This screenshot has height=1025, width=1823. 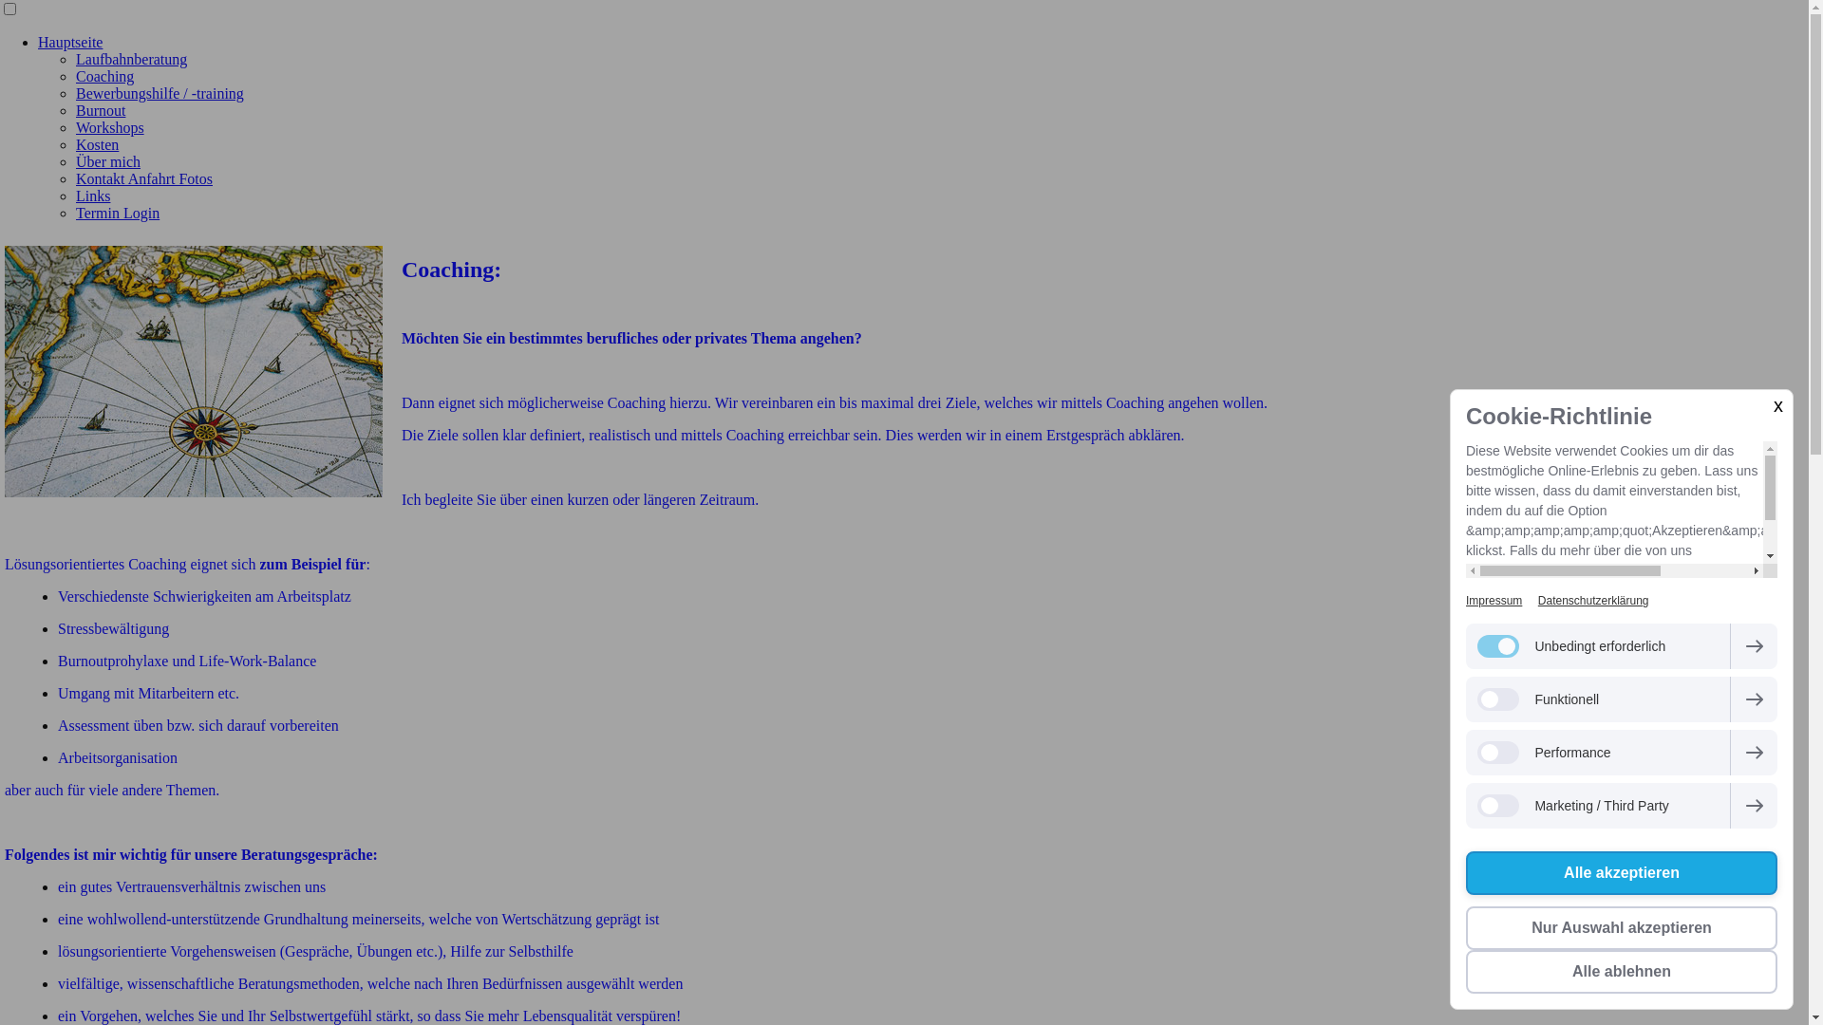 What do you see at coordinates (96, 143) in the screenshot?
I see `'Kosten'` at bounding box center [96, 143].